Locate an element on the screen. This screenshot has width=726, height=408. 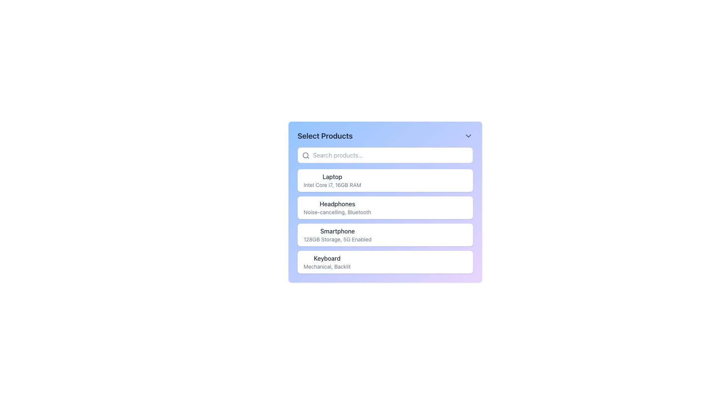
the text element displaying the title 'Laptop' and description 'Intel Core i7, 16GB RAM' is located at coordinates (332, 181).